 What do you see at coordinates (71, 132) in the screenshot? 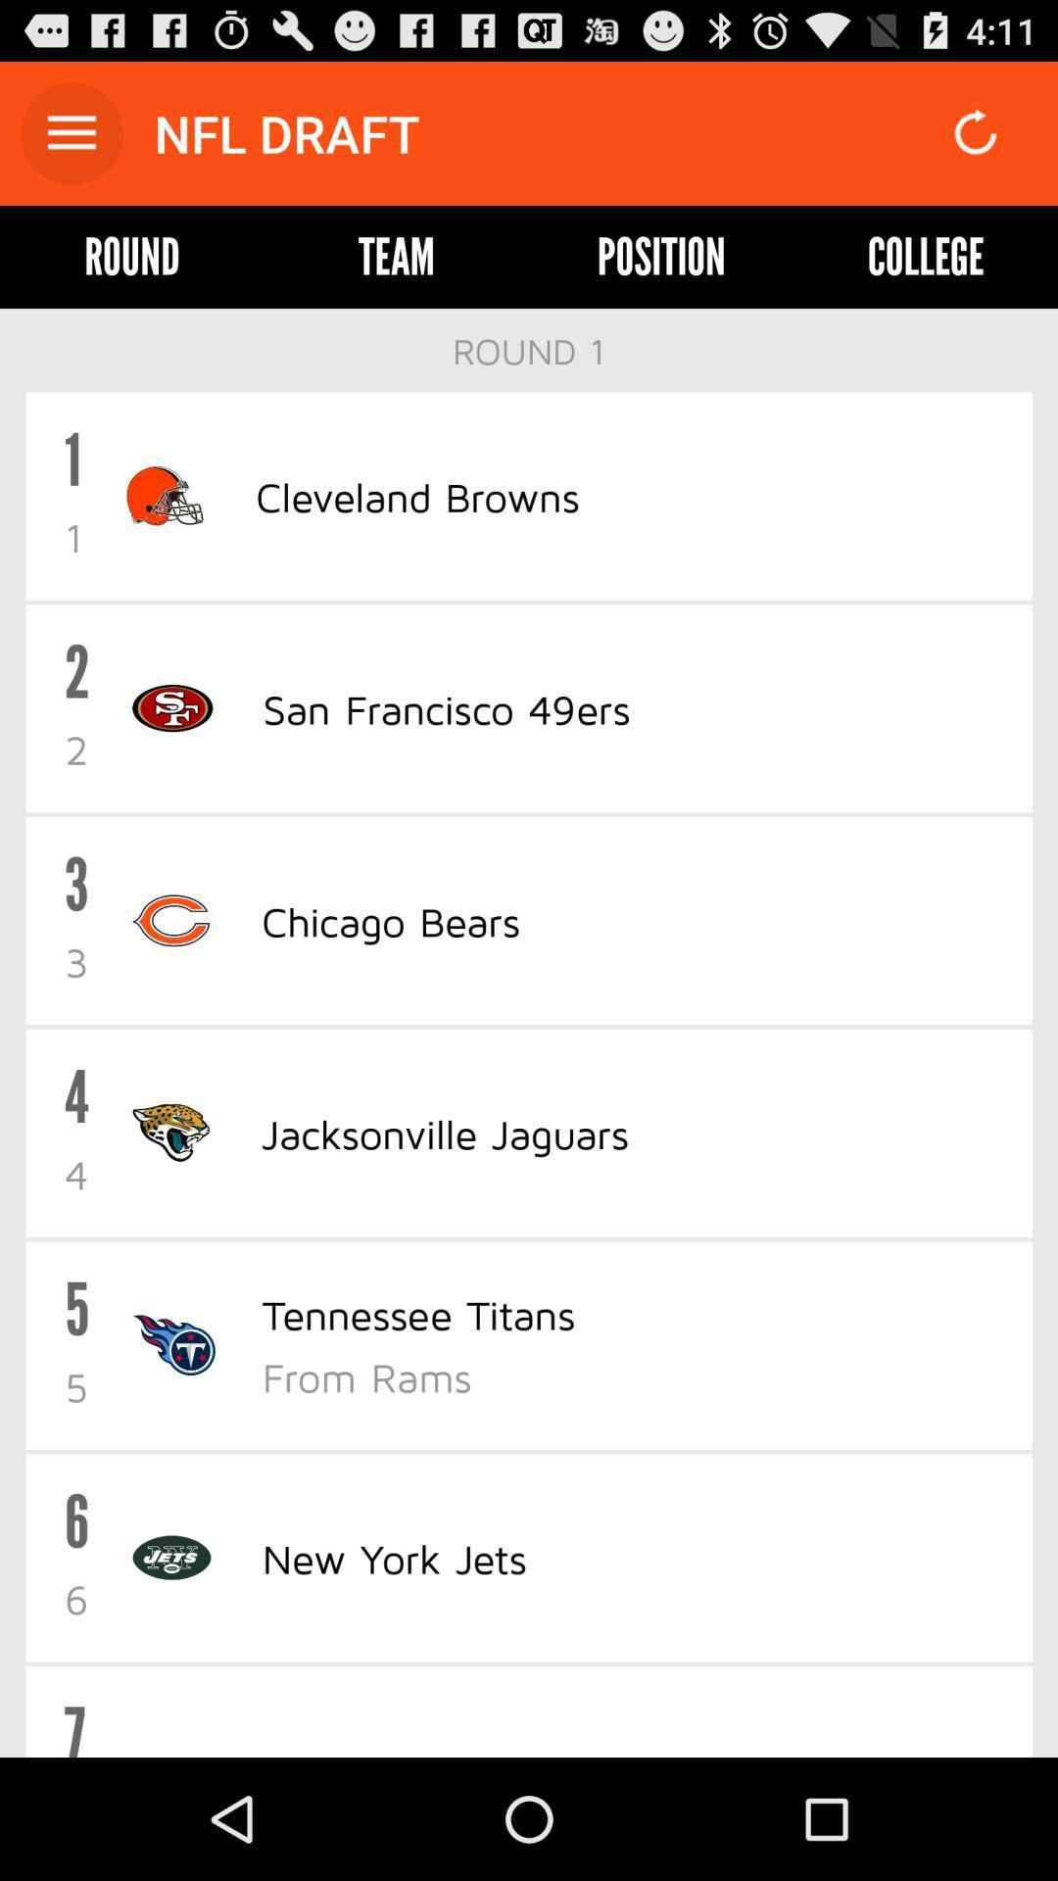
I see `the item next to nfl draft app` at bounding box center [71, 132].